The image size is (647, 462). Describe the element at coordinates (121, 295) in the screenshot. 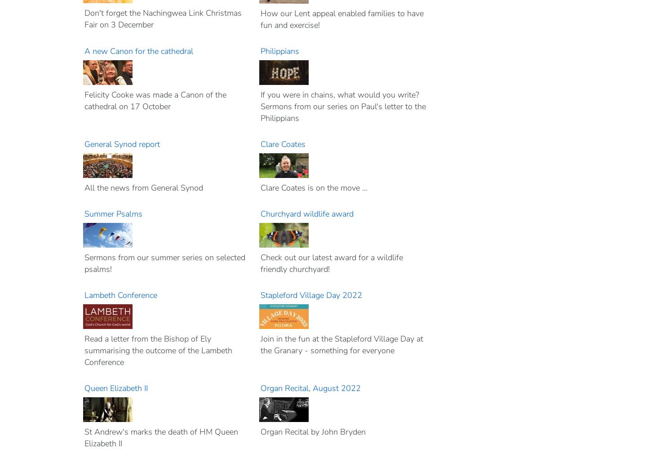

I see `'Lambeth Conference'` at that location.